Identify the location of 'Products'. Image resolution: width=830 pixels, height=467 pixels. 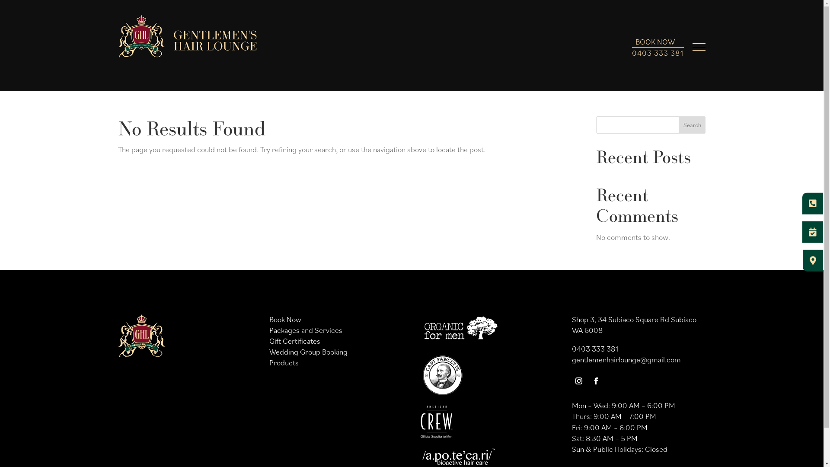
(284, 362).